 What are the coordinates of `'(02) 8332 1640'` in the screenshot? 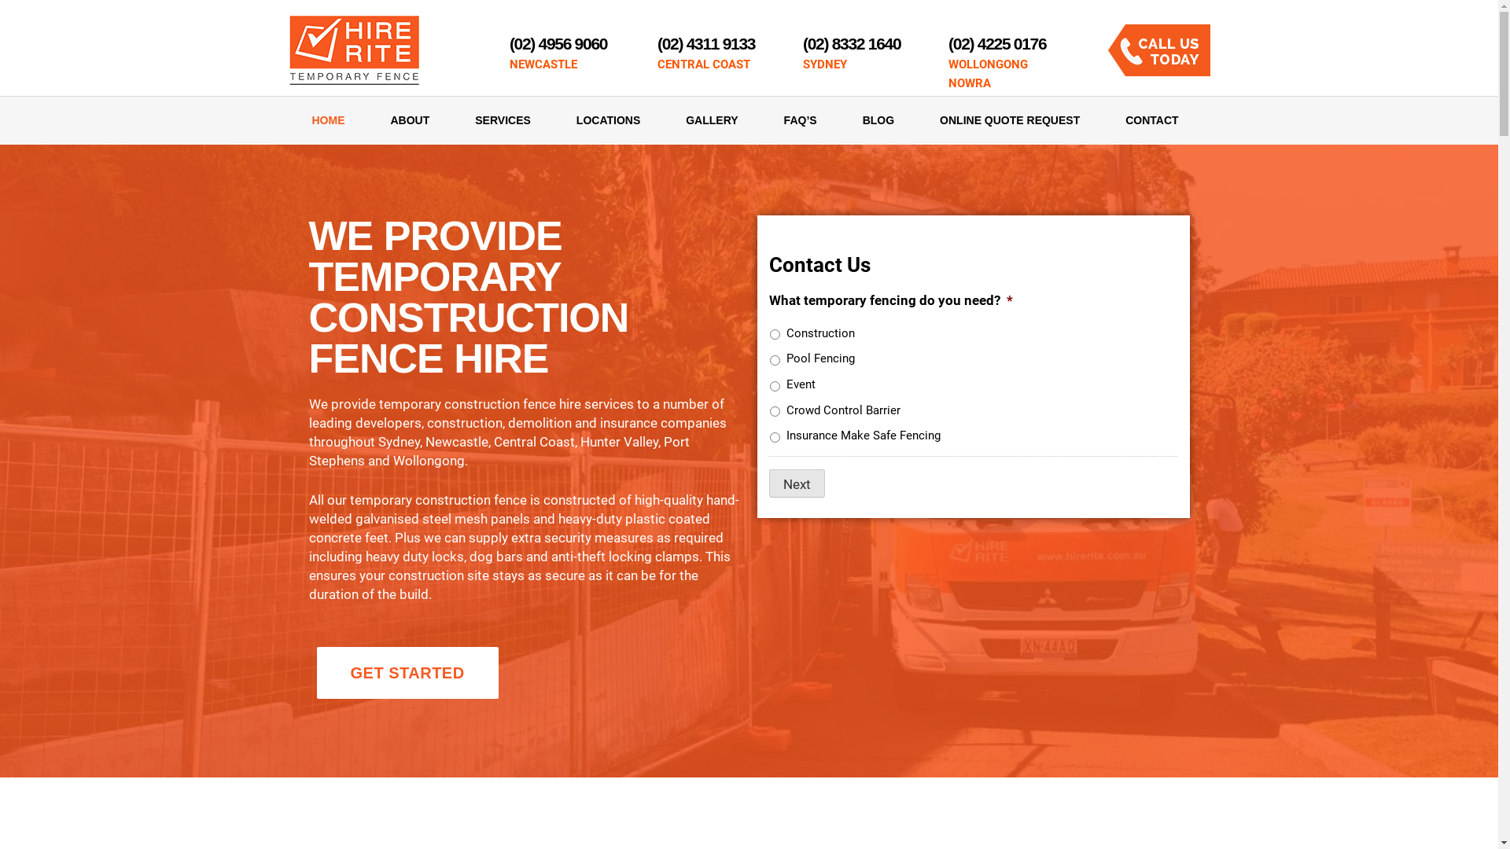 It's located at (851, 42).